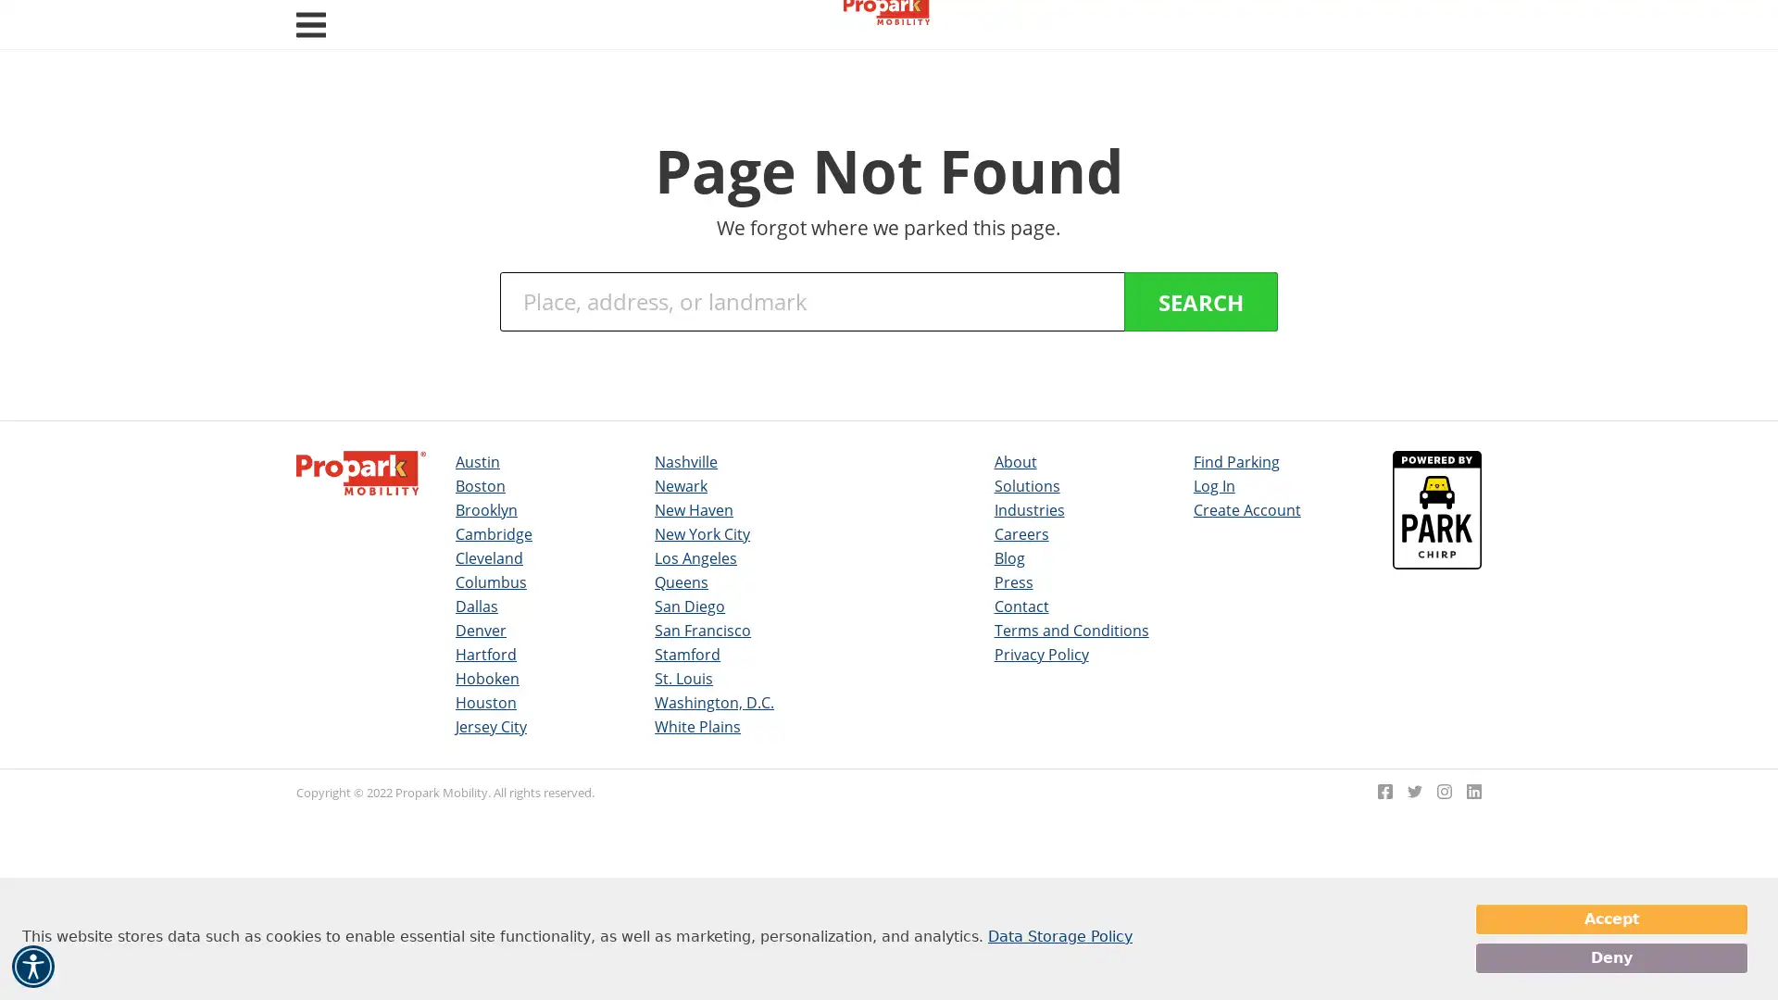 The width and height of the screenshot is (1778, 1000). I want to click on Accept, so click(1610, 919).